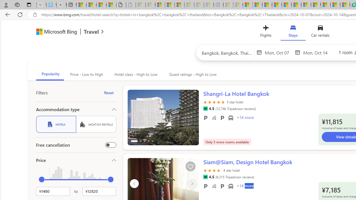  I want to click on 'HOTELS', so click(56, 124).